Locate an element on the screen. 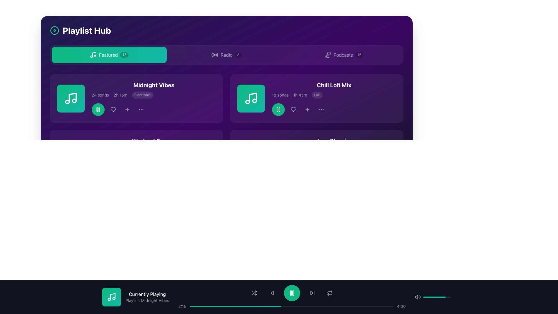 The width and height of the screenshot is (558, 314). the 'Podcasts' text label in the top-right section of the menu, which is positioned between an icon and a badge displaying '15' is located at coordinates (343, 55).